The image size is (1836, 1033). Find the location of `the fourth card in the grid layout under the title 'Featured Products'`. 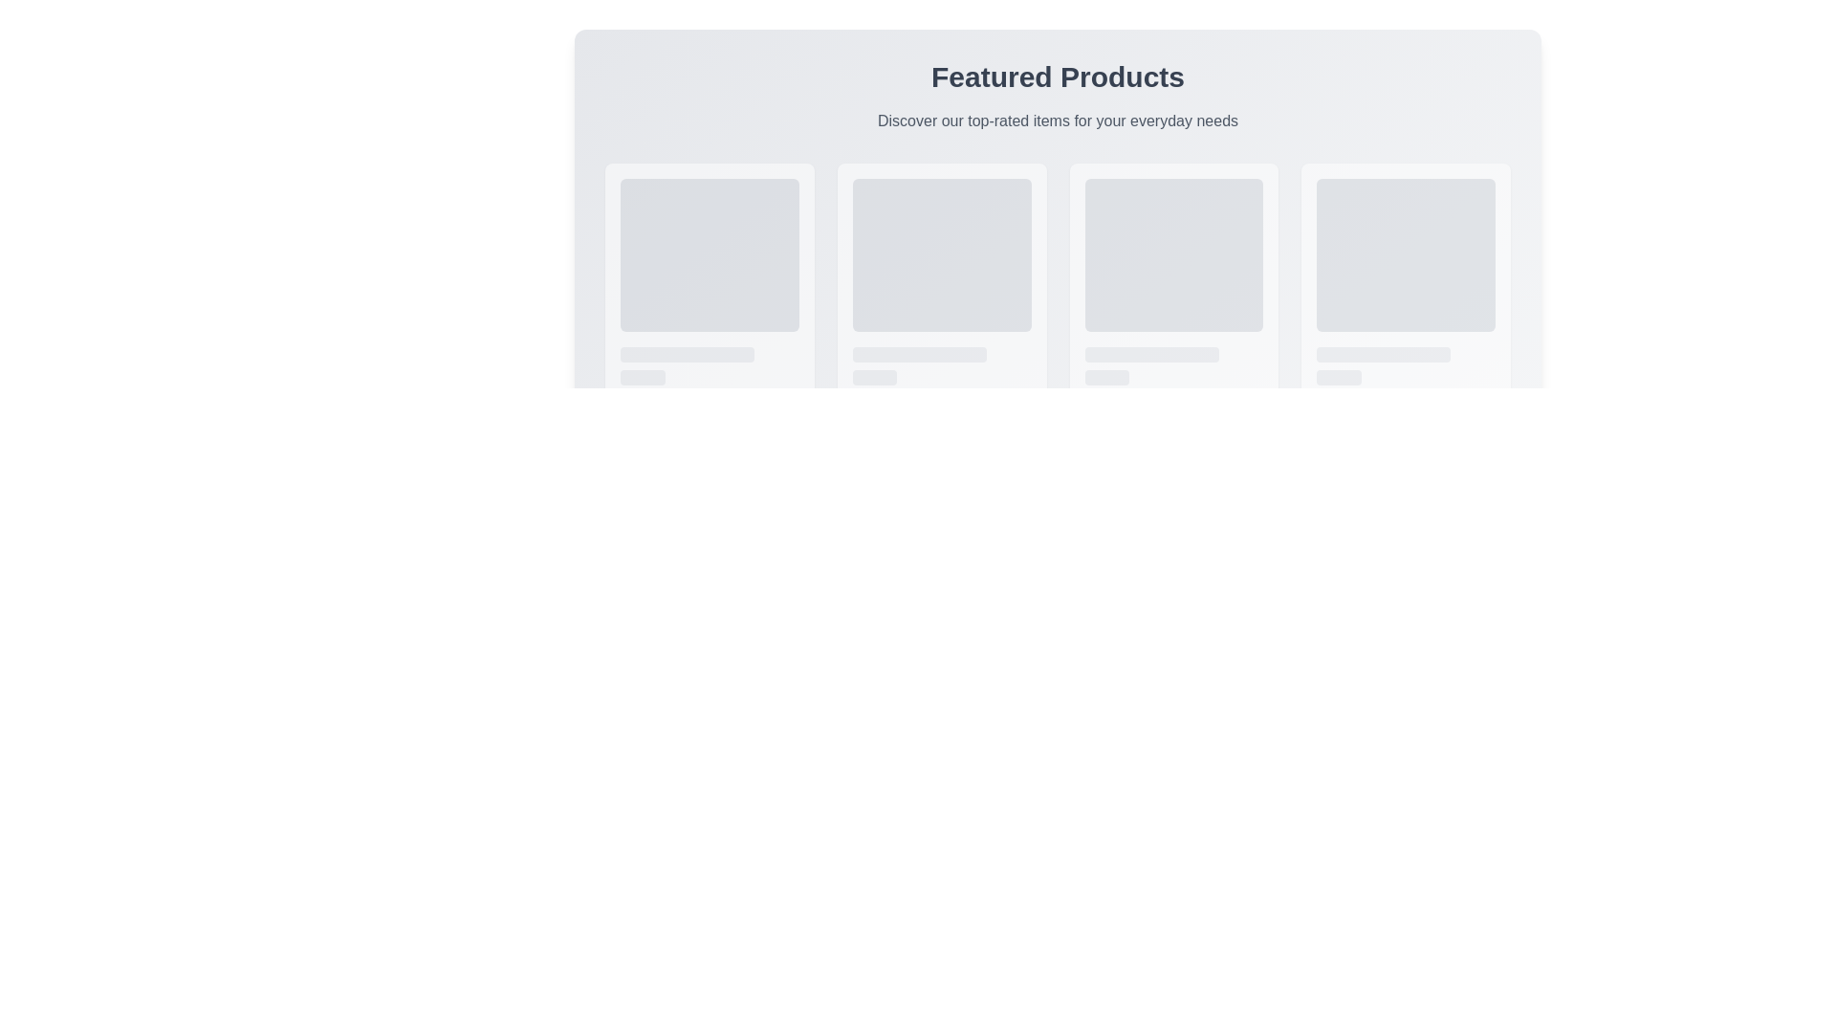

the fourth card in the grid layout under the title 'Featured Products' is located at coordinates (1406, 308).